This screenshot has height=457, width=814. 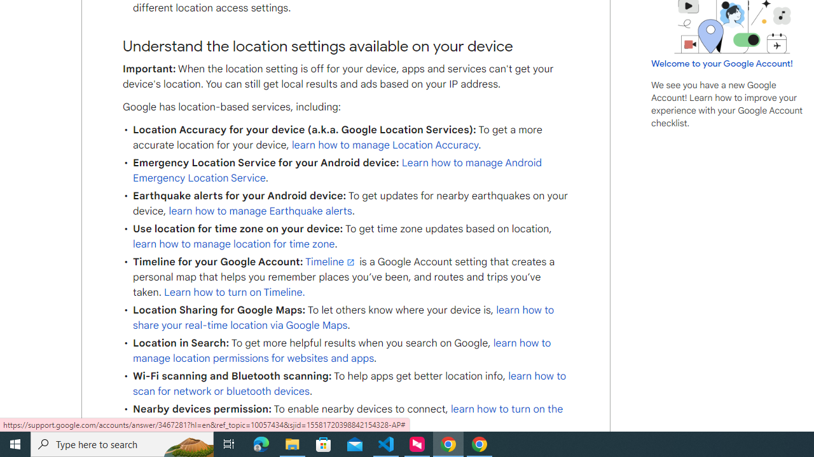 I want to click on 'learn how to turn on the Nearby devices permission', so click(x=348, y=417).